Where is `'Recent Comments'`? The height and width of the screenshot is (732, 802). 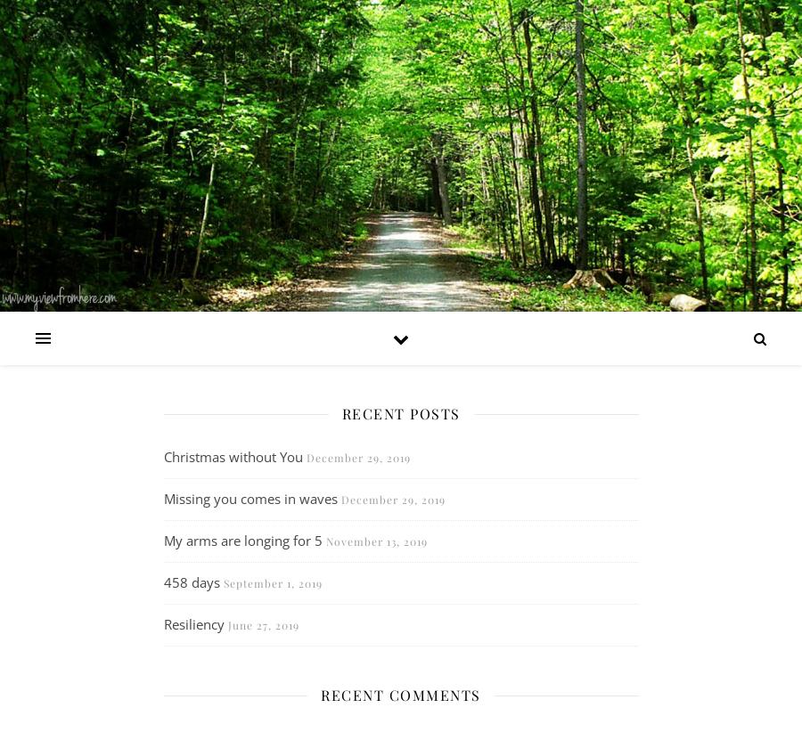
'Recent Comments' is located at coordinates (400, 694).